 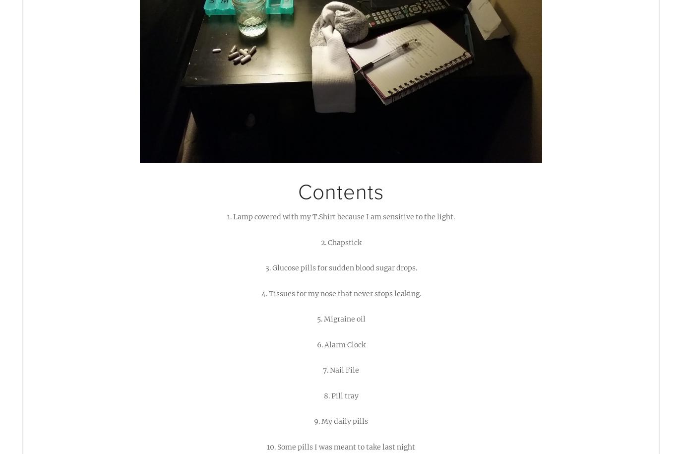 What do you see at coordinates (340, 394) in the screenshot?
I see `'8. Pill tray'` at bounding box center [340, 394].